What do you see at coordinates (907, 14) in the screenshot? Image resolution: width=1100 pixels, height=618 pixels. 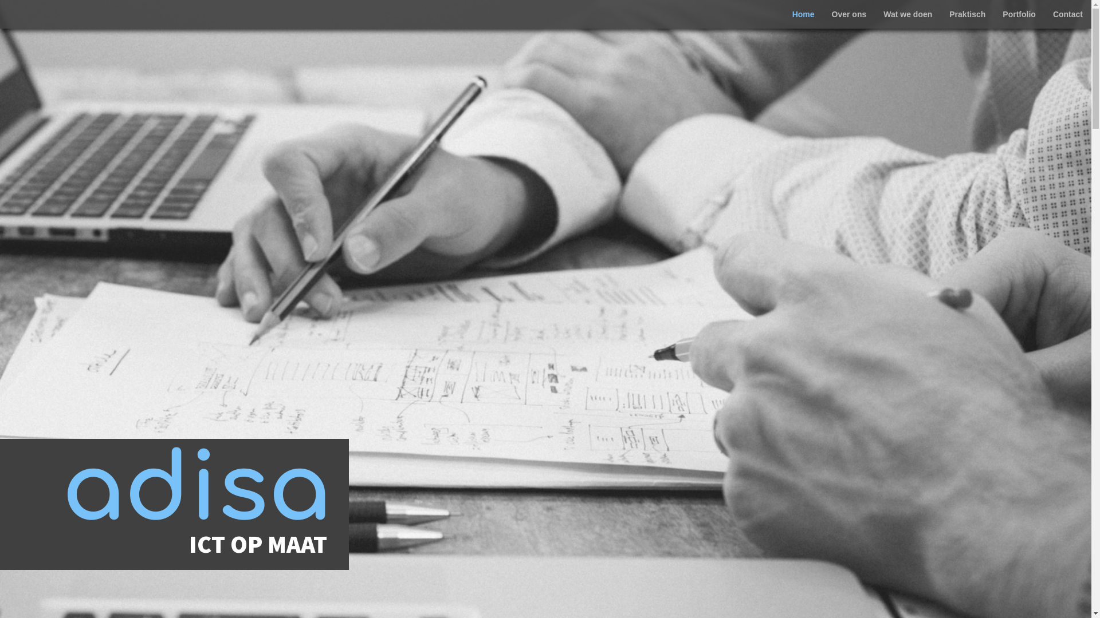 I see `'Wat we doen'` at bounding box center [907, 14].